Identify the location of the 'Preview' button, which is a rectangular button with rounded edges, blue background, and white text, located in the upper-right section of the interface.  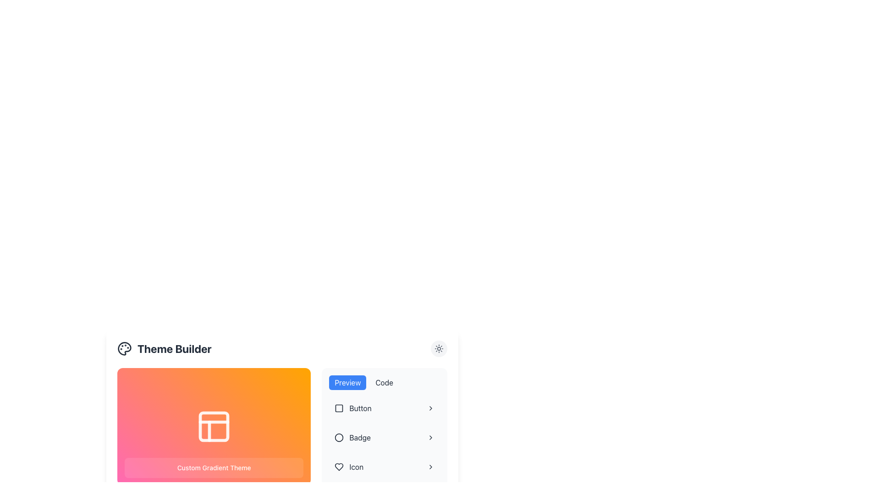
(347, 382).